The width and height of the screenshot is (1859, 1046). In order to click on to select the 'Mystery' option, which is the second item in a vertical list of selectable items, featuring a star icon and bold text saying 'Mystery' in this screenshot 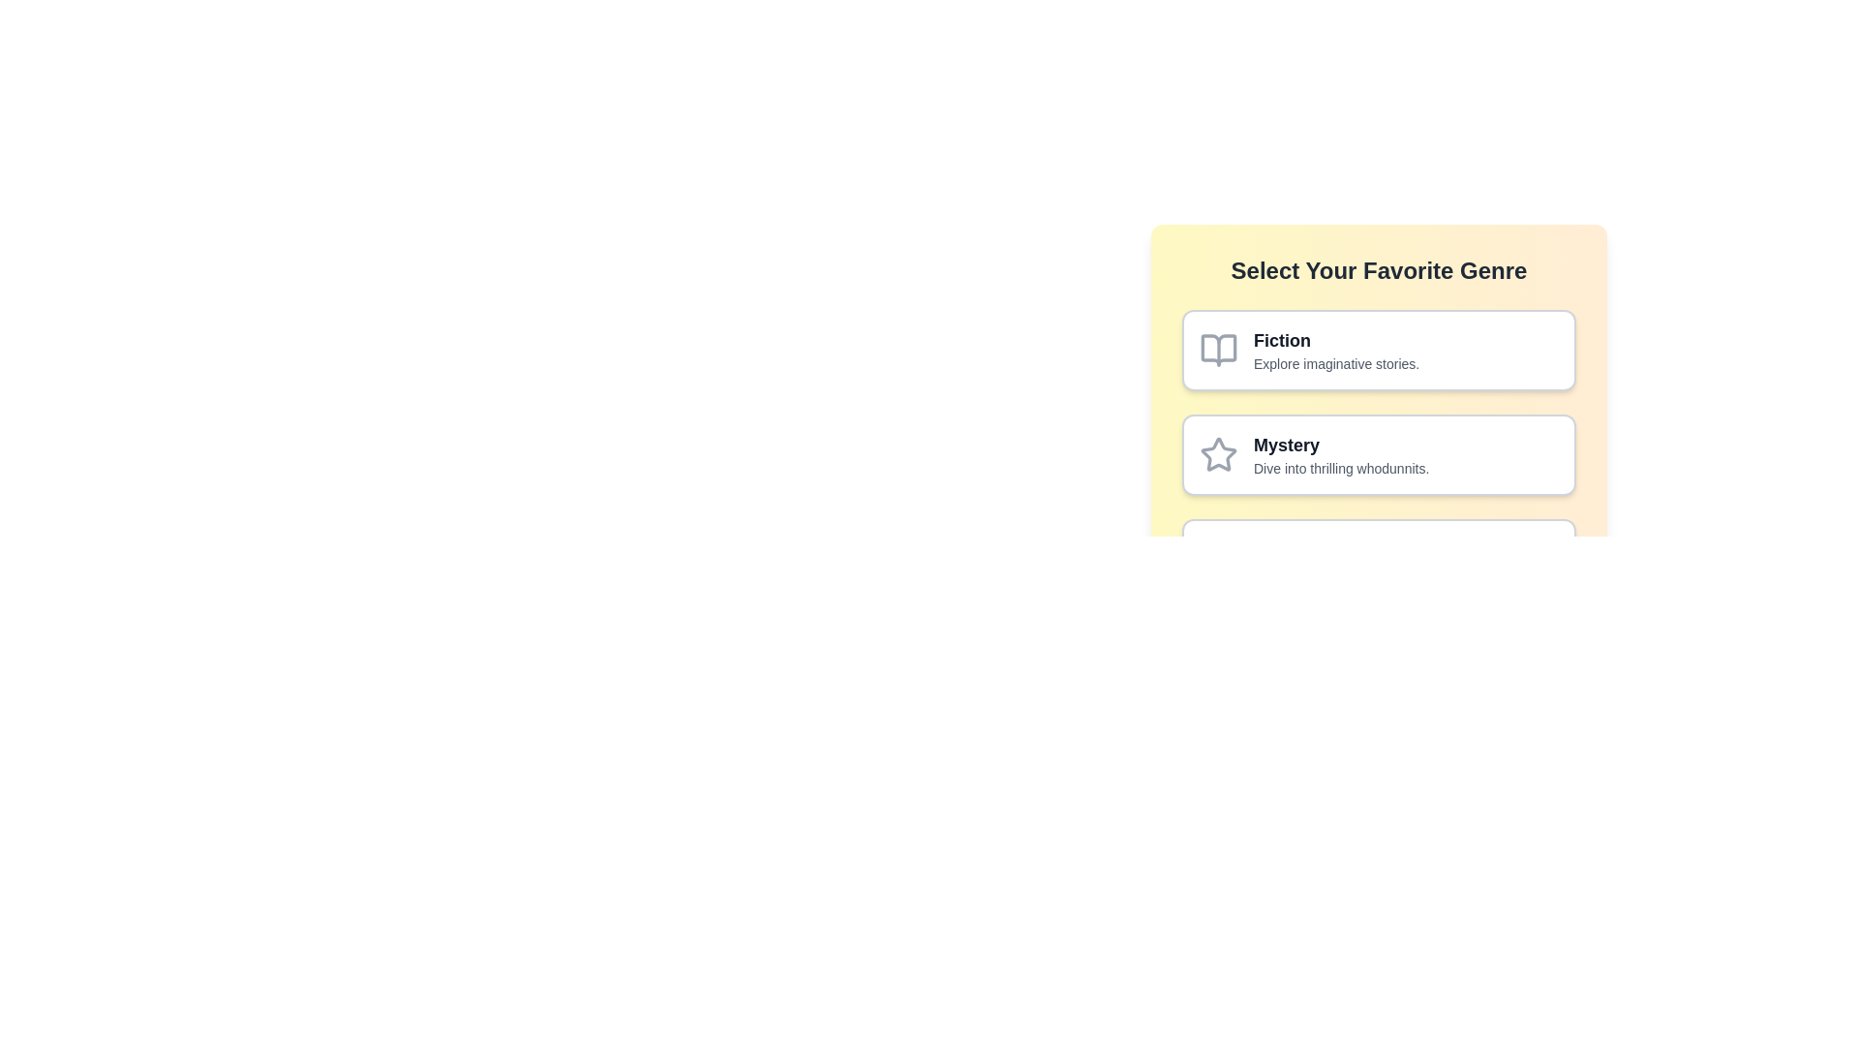, I will do `click(1378, 455)`.